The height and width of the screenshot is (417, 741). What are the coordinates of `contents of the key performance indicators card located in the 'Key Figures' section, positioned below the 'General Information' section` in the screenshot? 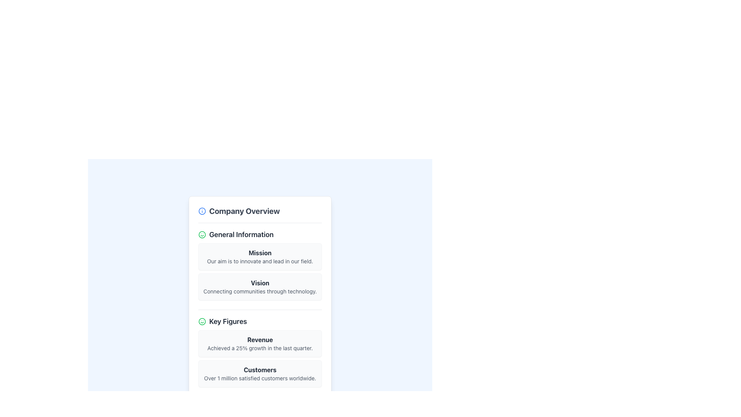 It's located at (260, 359).